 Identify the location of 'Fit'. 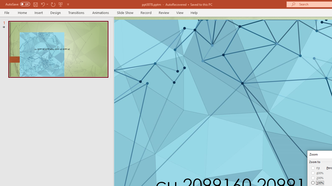
(315, 168).